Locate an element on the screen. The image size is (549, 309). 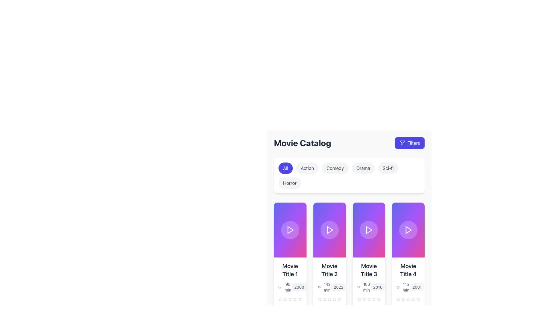
the fifth star icon in the horizontal sequence of star icons used for rating, located under the fourth movie card titled 'Movie Title 4' is located at coordinates (413, 299).